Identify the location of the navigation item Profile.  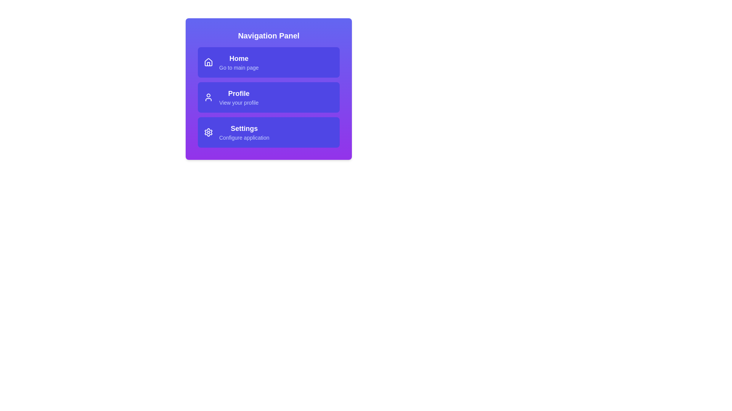
(269, 97).